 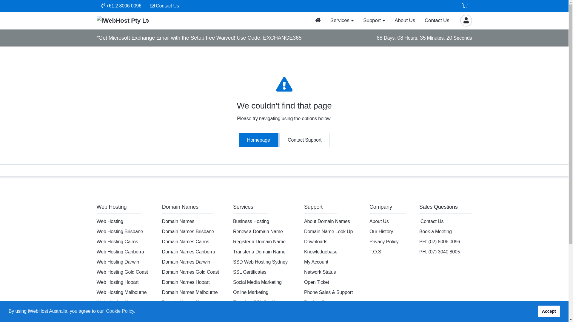 I want to click on 'Domain Names Newcastle', so click(x=189, y=302).